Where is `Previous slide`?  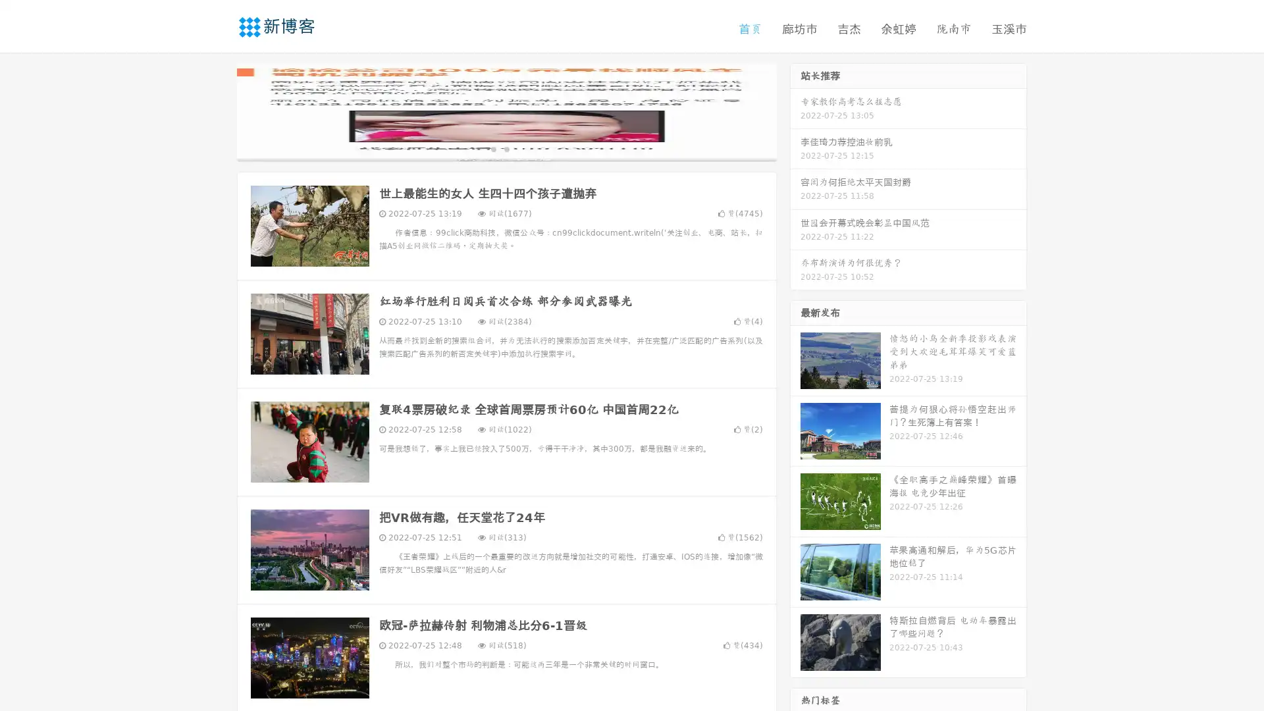 Previous slide is located at coordinates (217, 111).